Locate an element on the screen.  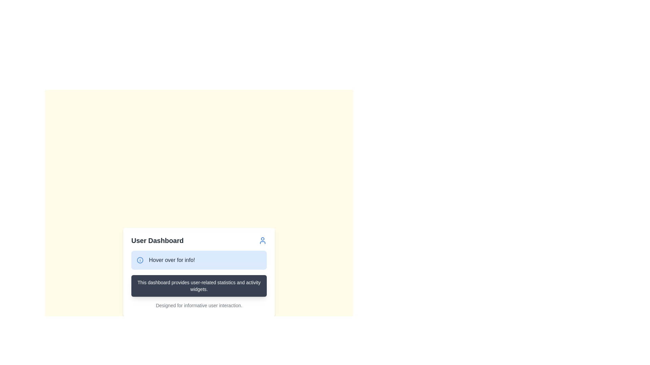
the circular icon with a blue border and white background, located on the left side of the button labeled 'Hover over for info!' is located at coordinates (139, 260).